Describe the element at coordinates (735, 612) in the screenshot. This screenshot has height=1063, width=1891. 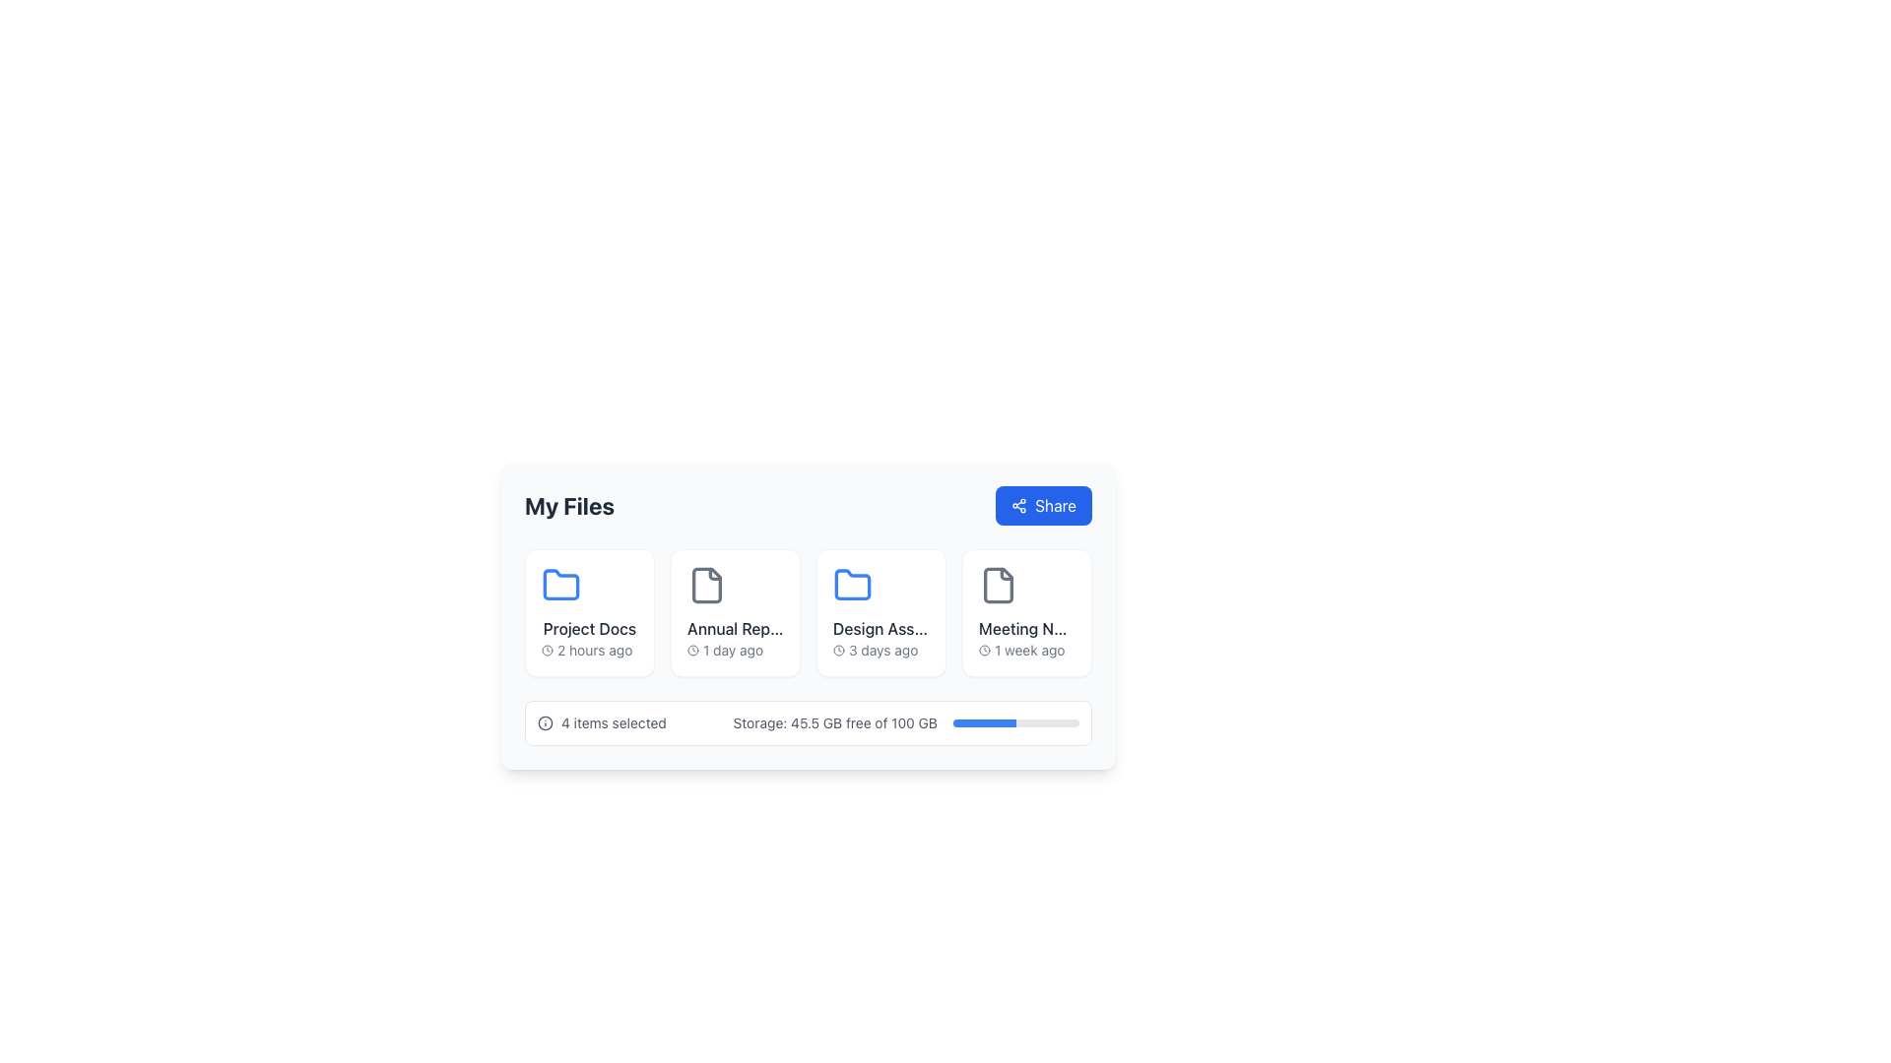
I see `the second file entry in the 'My Files' section` at that location.